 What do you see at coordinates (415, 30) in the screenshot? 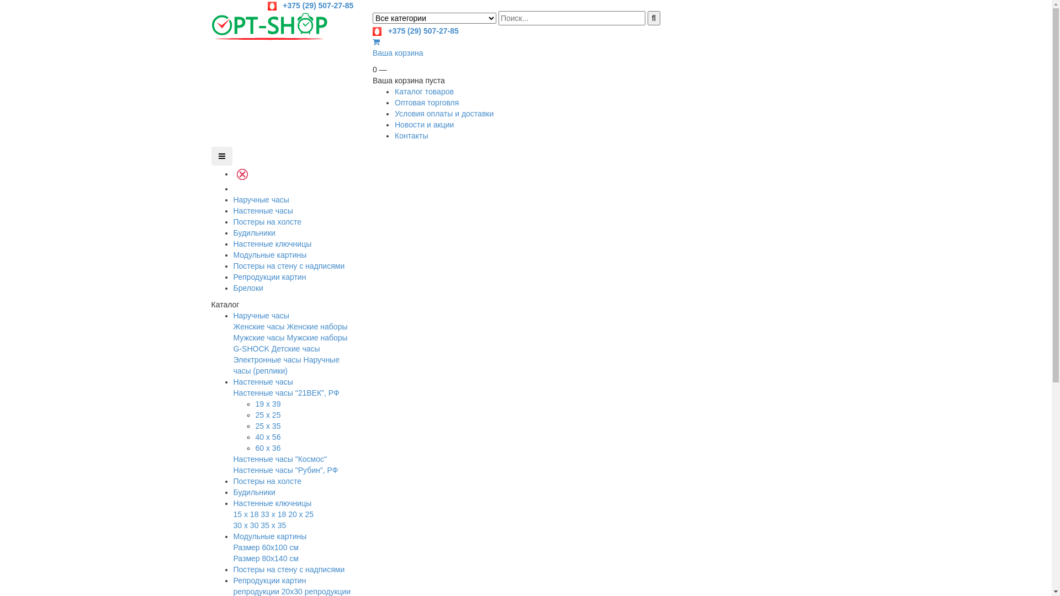
I see `'  +375 (29) 507-27-85'` at bounding box center [415, 30].